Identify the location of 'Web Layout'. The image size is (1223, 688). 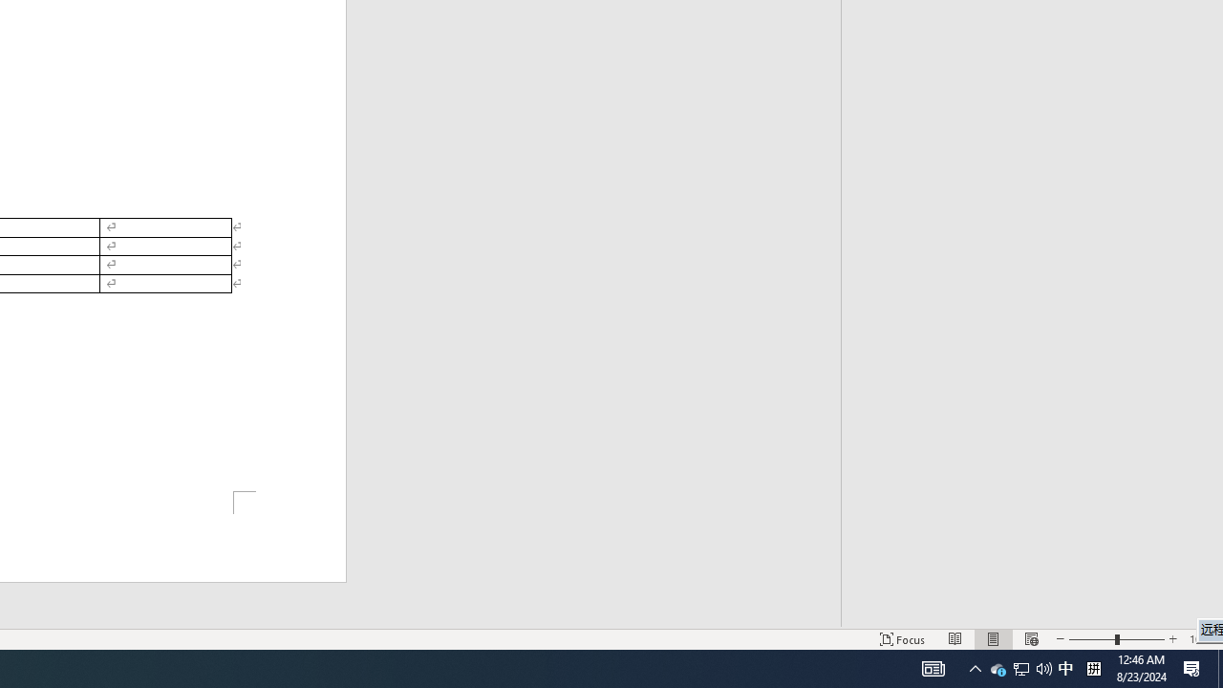
(1030, 639).